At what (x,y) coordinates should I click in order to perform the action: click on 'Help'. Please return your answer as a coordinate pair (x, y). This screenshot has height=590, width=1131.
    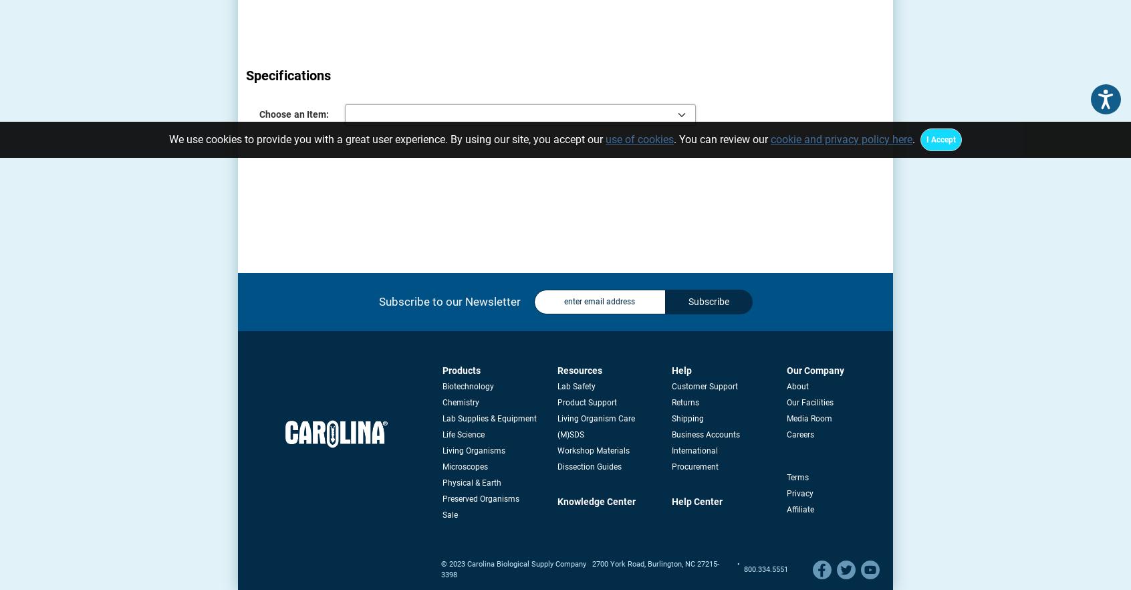
    Looking at the image, I should click on (680, 369).